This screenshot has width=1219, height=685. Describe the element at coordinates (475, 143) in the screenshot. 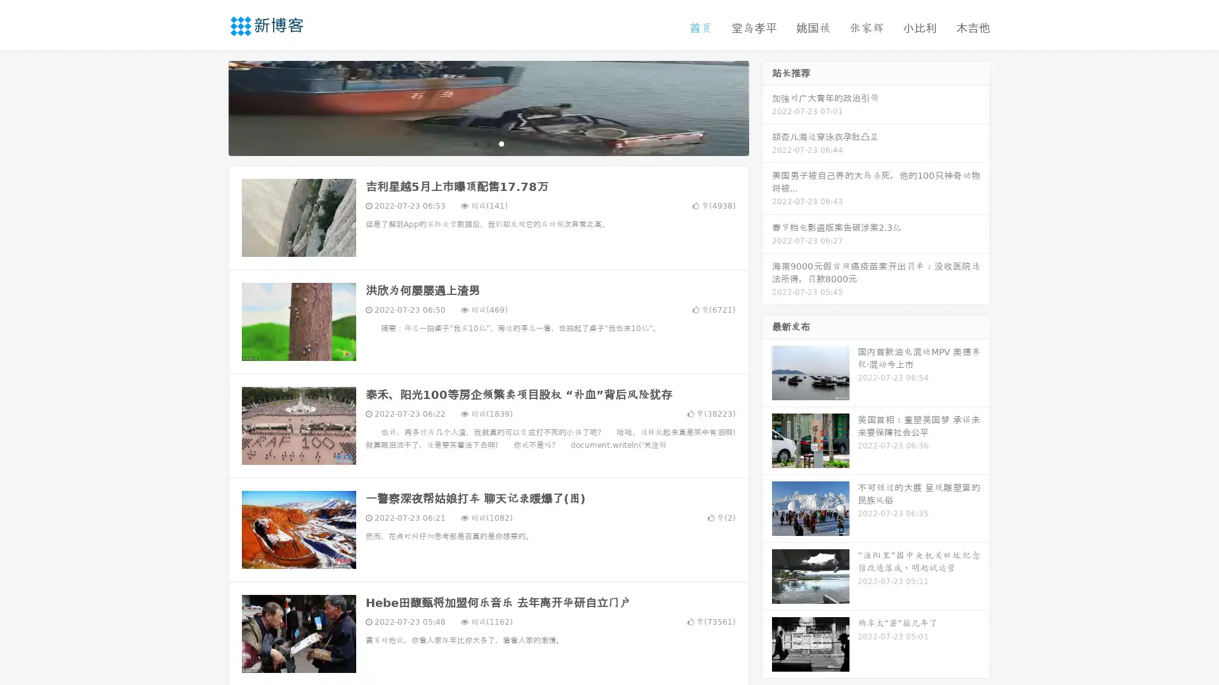

I see `Go to slide 1` at that location.